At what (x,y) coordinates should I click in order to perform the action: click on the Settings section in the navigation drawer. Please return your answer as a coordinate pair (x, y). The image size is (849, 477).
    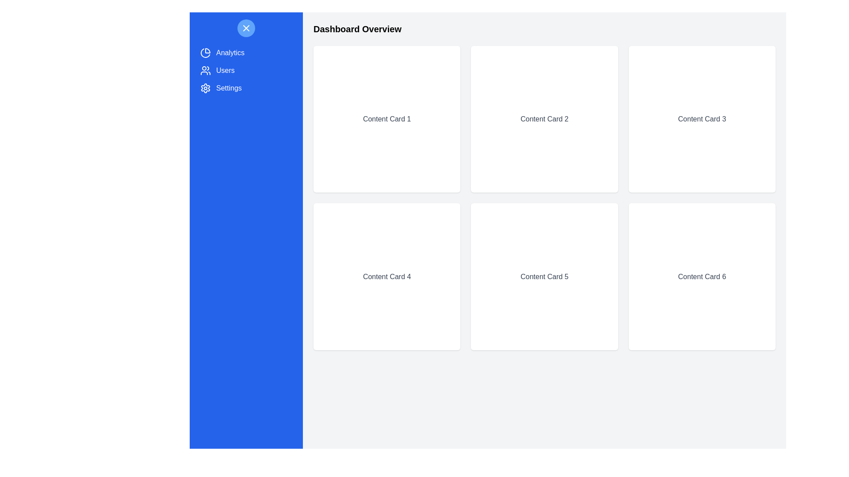
    Looking at the image, I should click on (246, 88).